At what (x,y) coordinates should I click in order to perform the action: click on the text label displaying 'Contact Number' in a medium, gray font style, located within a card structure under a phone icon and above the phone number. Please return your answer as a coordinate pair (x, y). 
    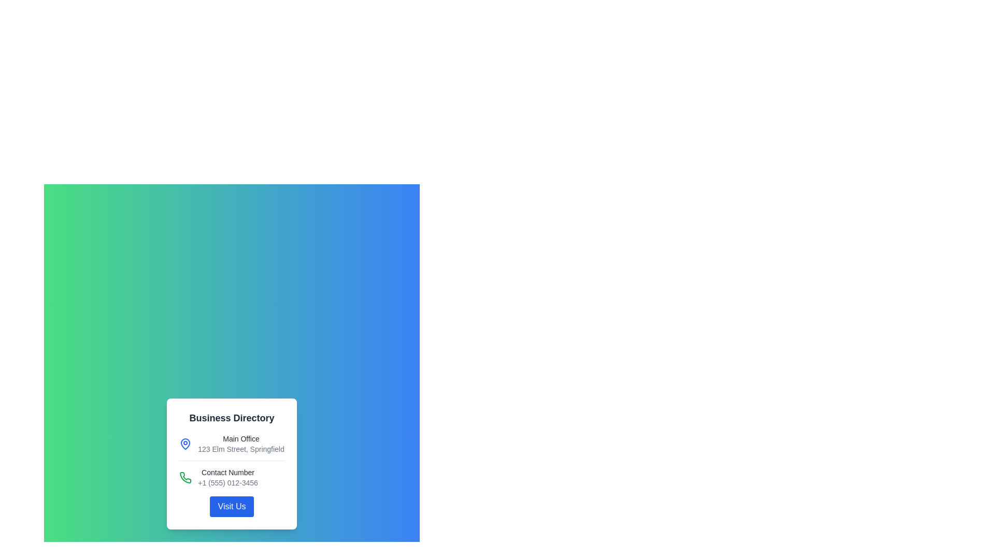
    Looking at the image, I should click on (228, 472).